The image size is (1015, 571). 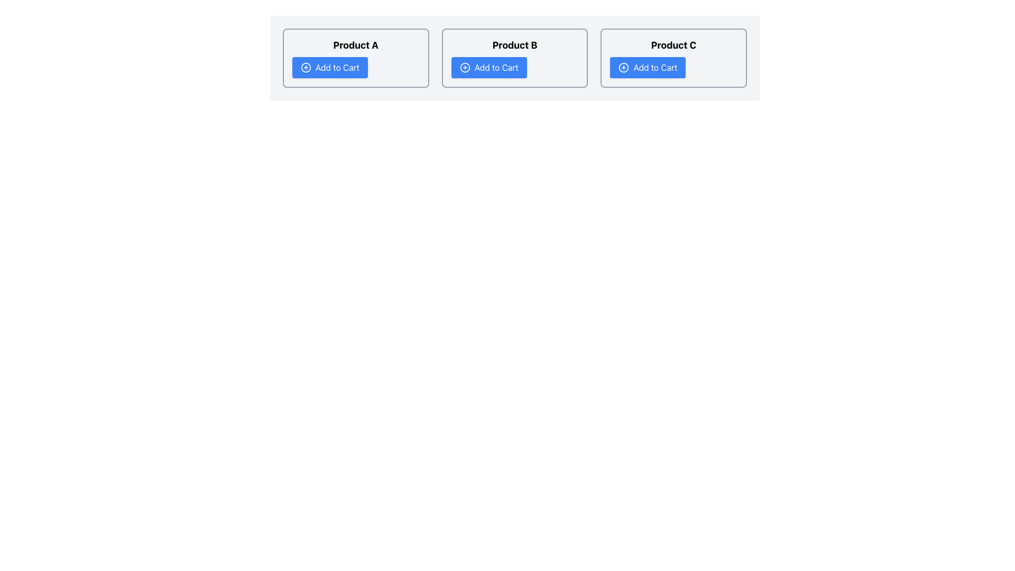 I want to click on the 'Add Product B to Cart' button, located in the second column of the product layout, so click(x=515, y=58).